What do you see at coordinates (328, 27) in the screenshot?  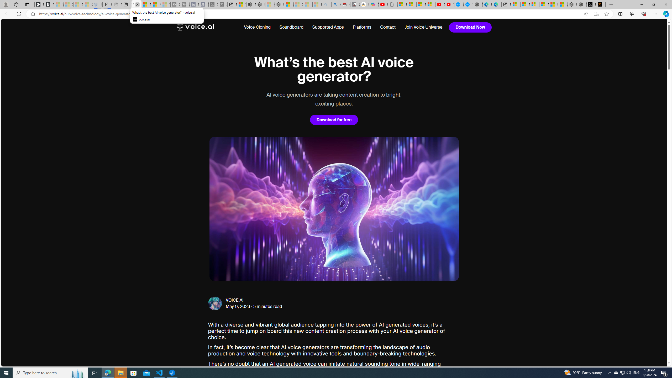 I see `'Supported Apps'` at bounding box center [328, 27].